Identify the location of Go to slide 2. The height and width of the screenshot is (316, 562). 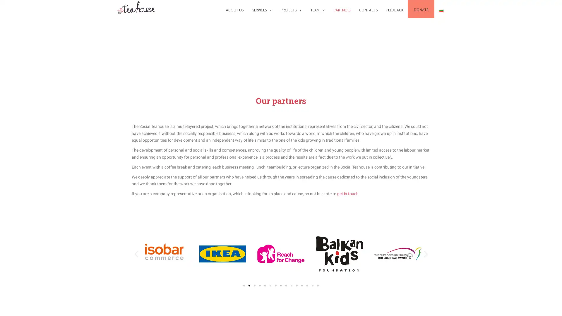
(249, 285).